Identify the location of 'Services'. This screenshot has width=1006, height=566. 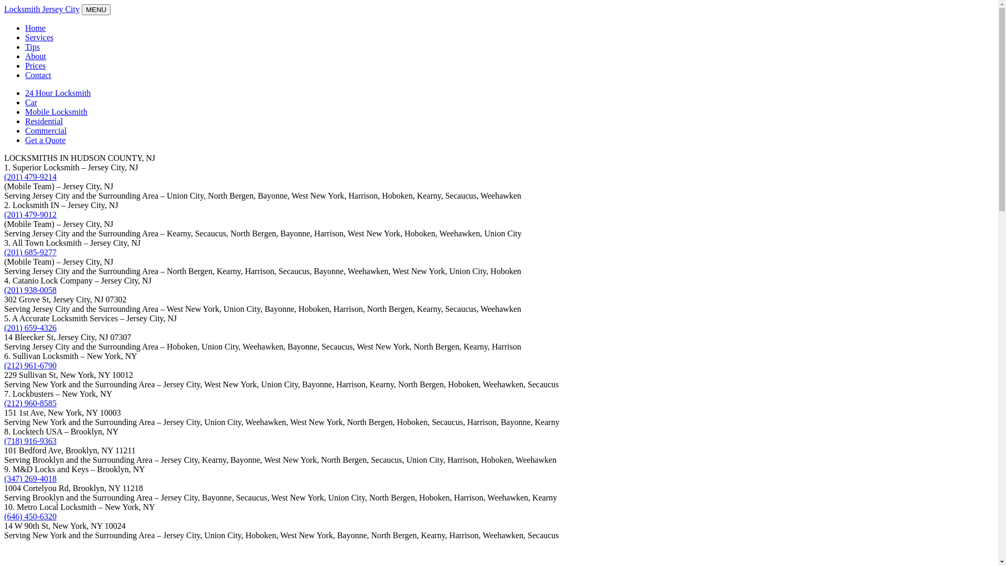
(39, 37).